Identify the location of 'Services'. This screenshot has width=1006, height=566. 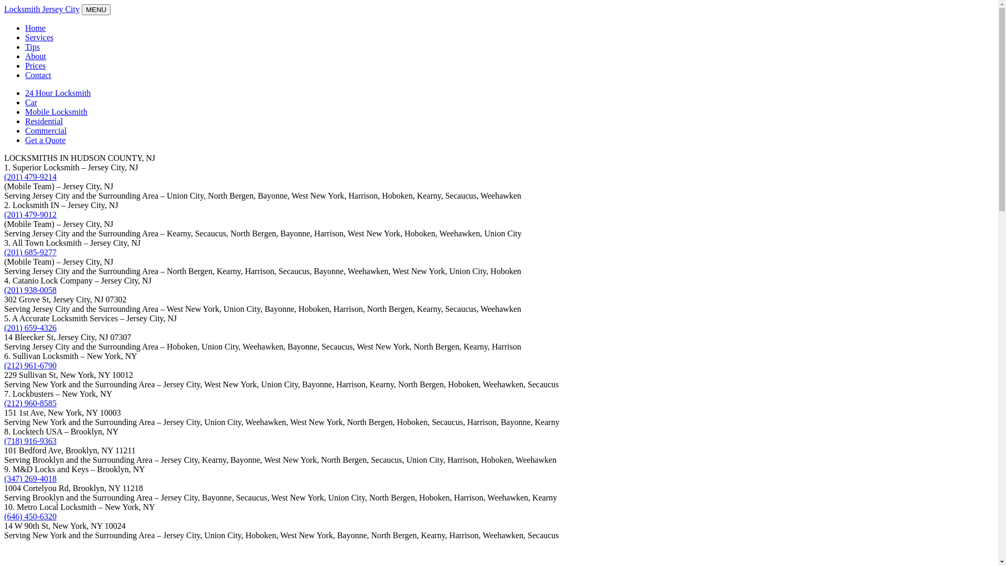
(39, 37).